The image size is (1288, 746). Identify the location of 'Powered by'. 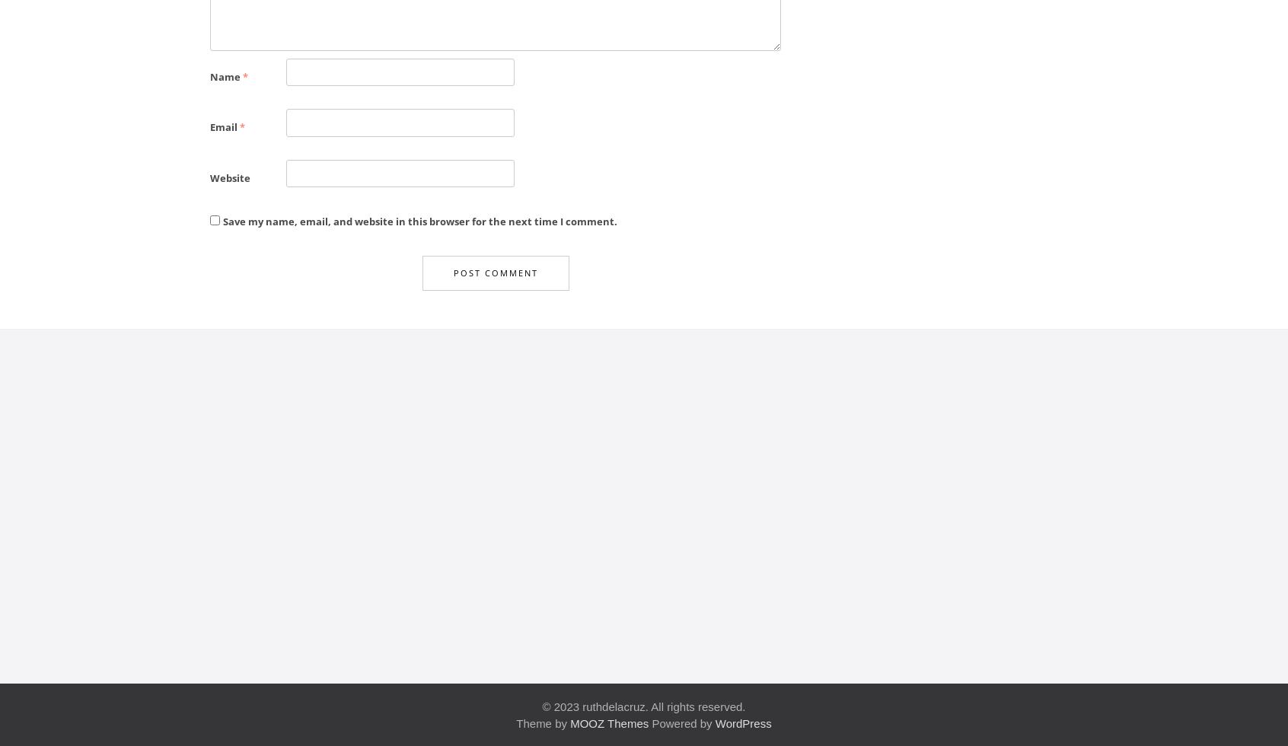
(681, 722).